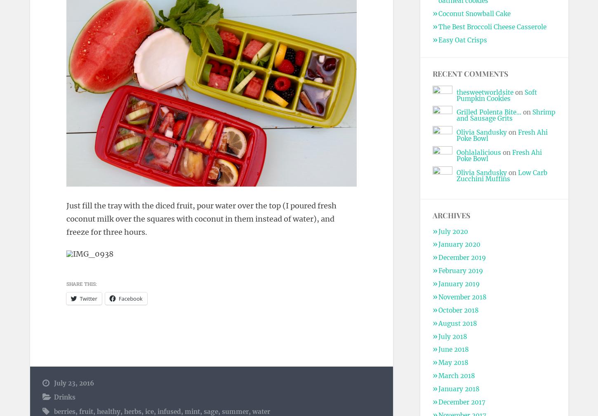 The image size is (598, 416). Describe the element at coordinates (96, 411) in the screenshot. I see `'healthy'` at that location.